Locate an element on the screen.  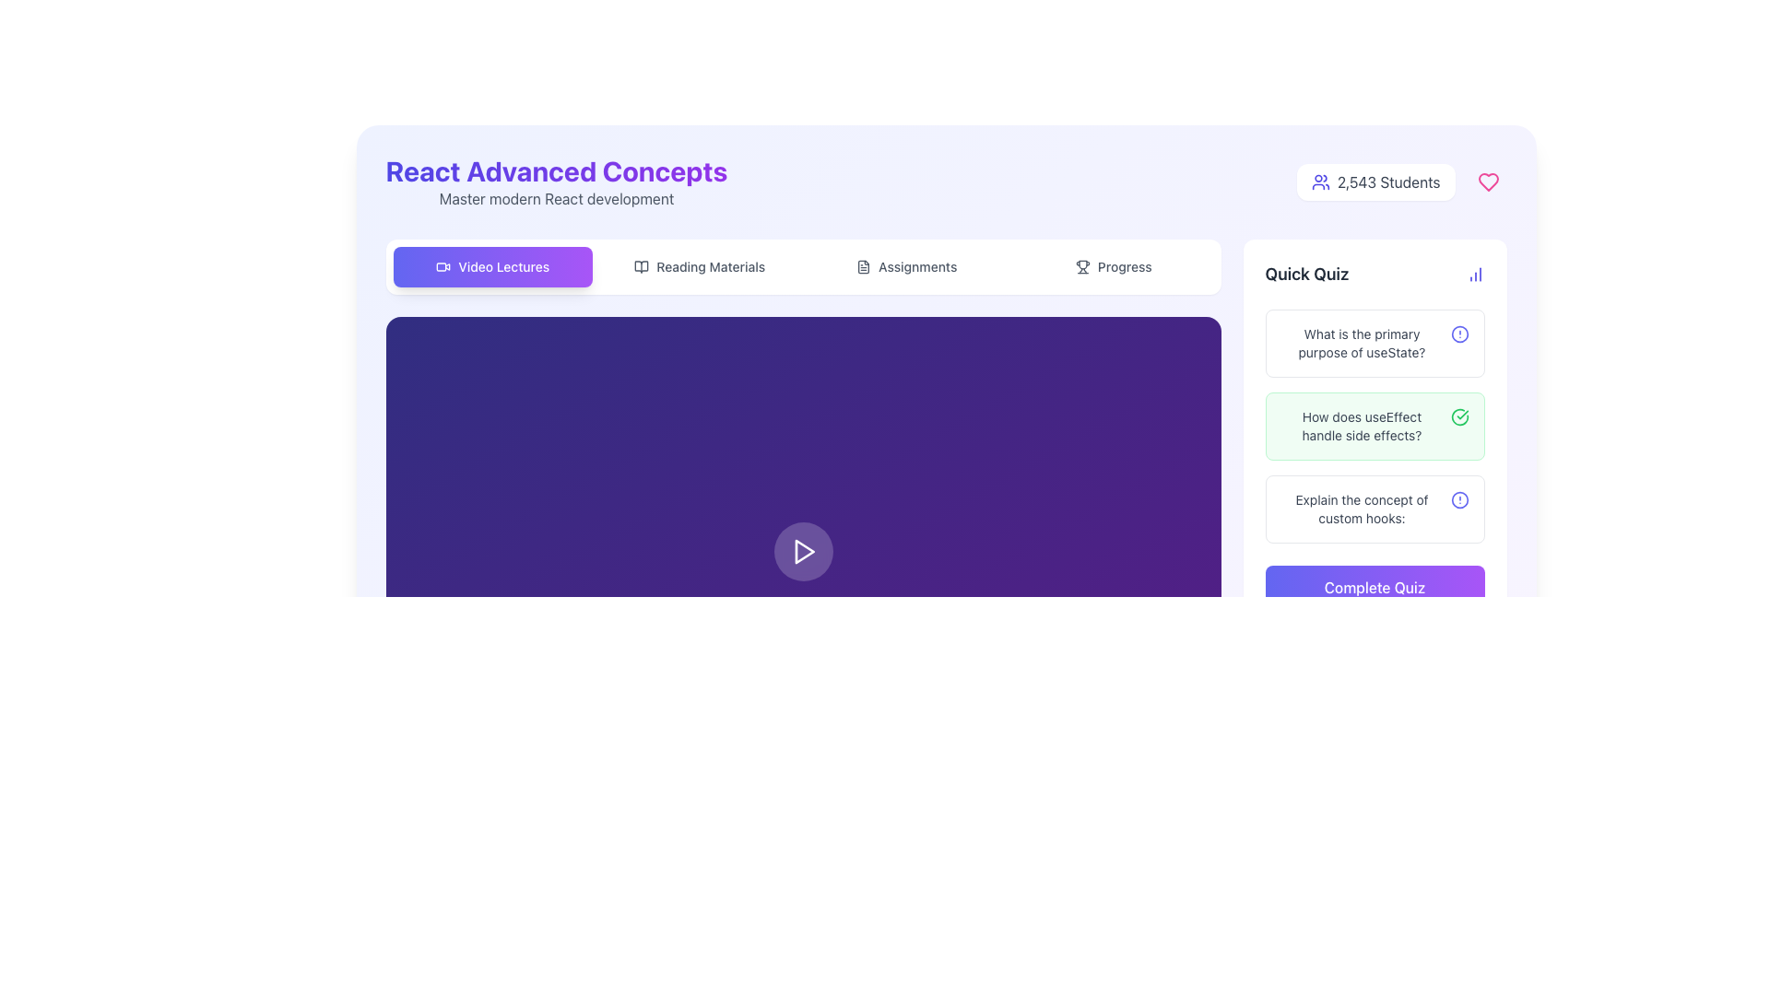
the alert circle icon located near the right edge of the 'Quick Quiz' panel, directly to the right of the question text 'What is the primary purpose of useState?' is located at coordinates (1458, 334).